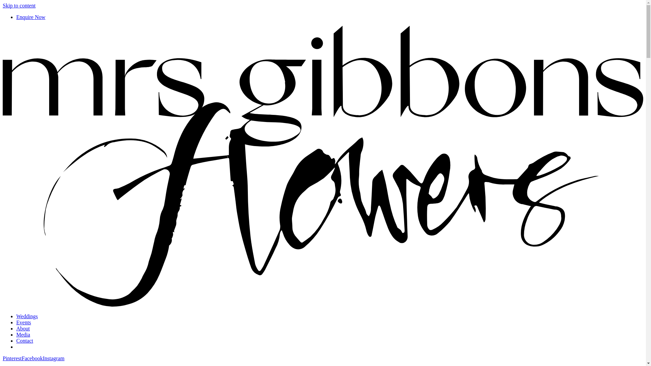 This screenshot has width=651, height=366. I want to click on 'Media', so click(23, 334).